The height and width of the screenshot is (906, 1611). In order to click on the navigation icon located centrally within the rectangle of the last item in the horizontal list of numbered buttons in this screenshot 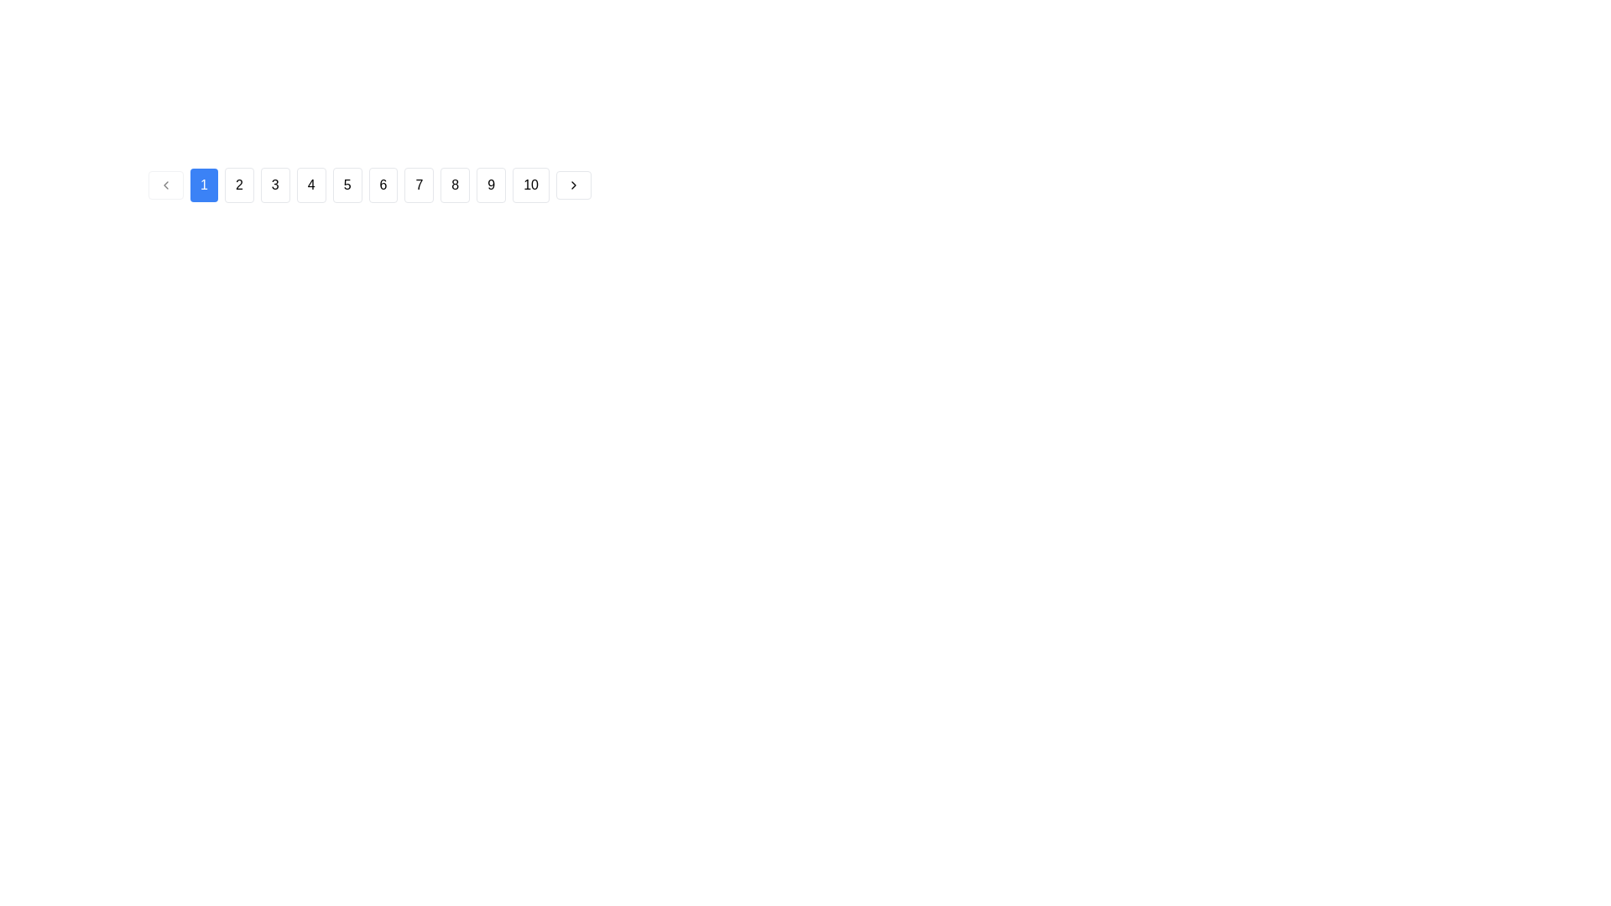, I will do `click(573, 185)`.